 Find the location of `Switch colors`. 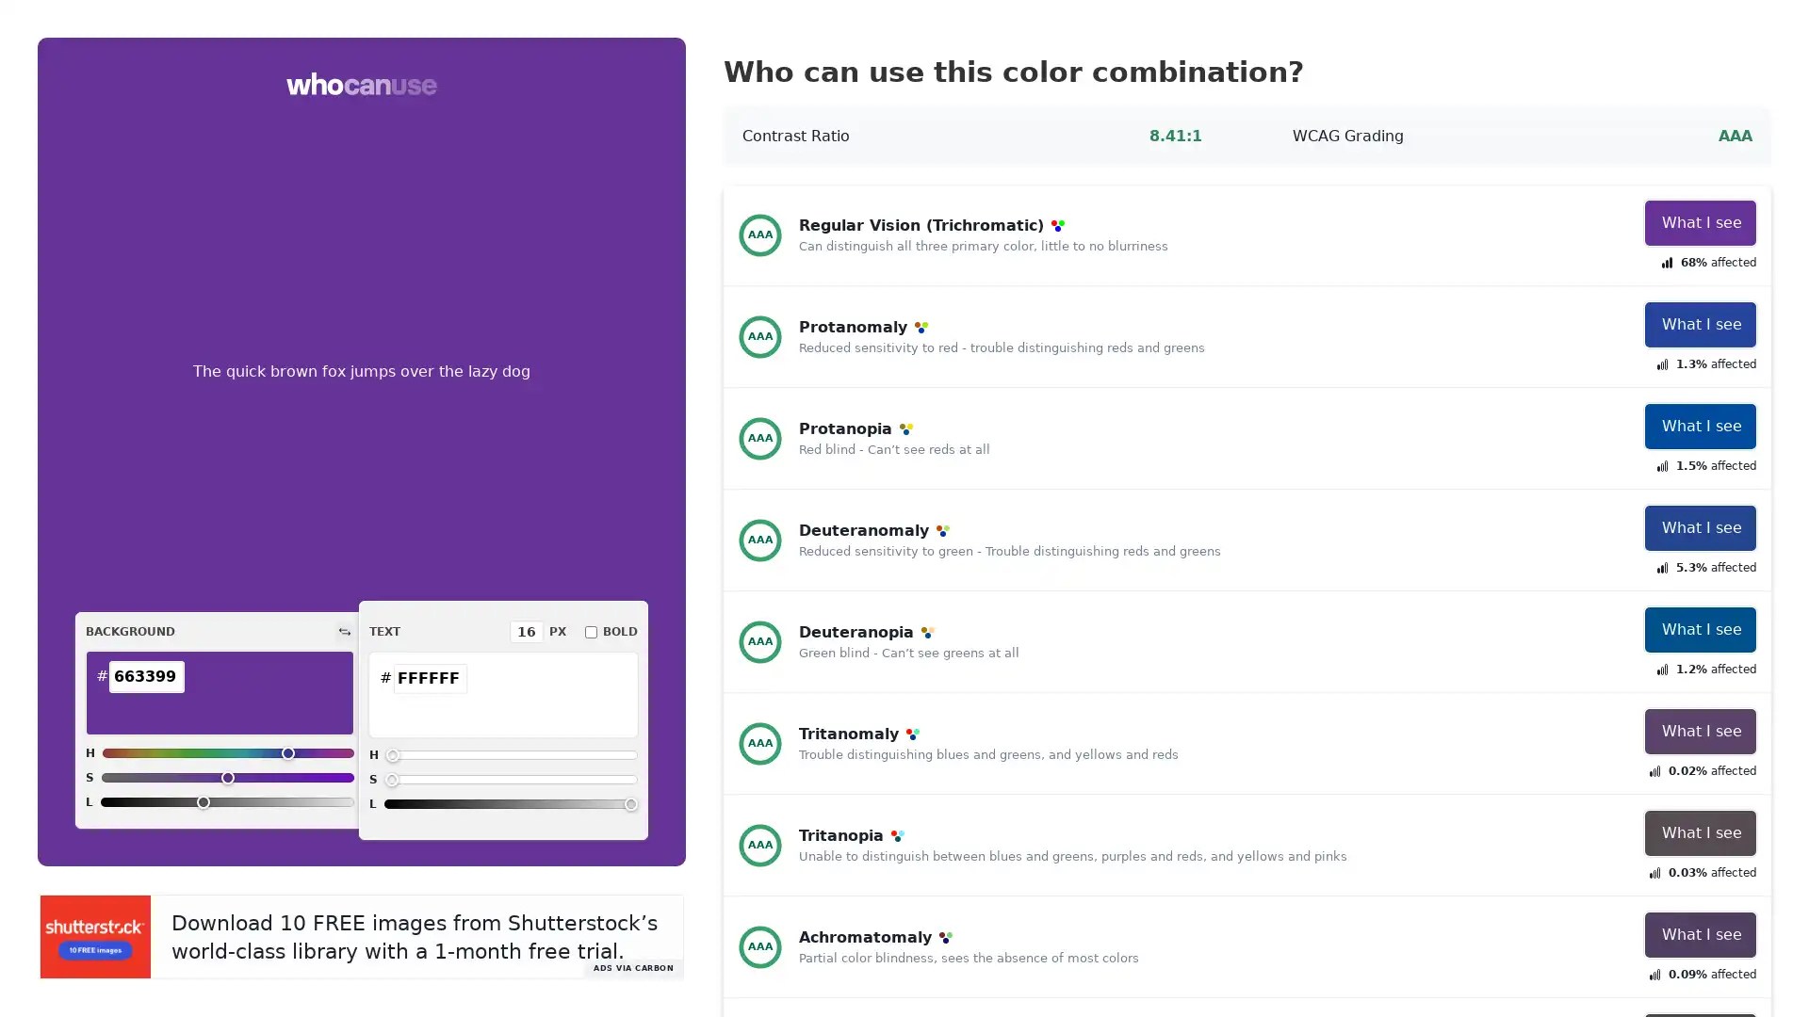

Switch colors is located at coordinates (344, 632).